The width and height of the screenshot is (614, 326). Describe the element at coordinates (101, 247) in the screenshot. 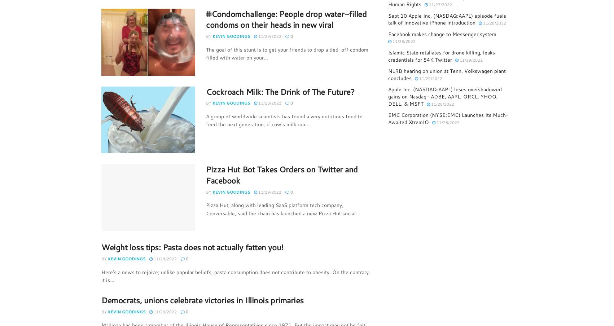

I see `'Weight loss tips: Pasta does not actually fatten you!'` at that location.